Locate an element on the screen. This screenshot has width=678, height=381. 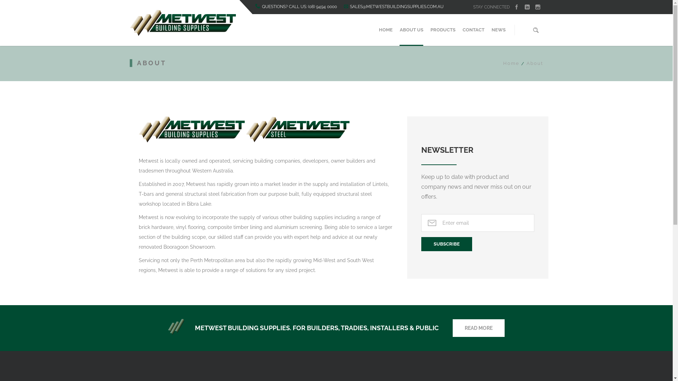
'facebook' is located at coordinates (517, 7).